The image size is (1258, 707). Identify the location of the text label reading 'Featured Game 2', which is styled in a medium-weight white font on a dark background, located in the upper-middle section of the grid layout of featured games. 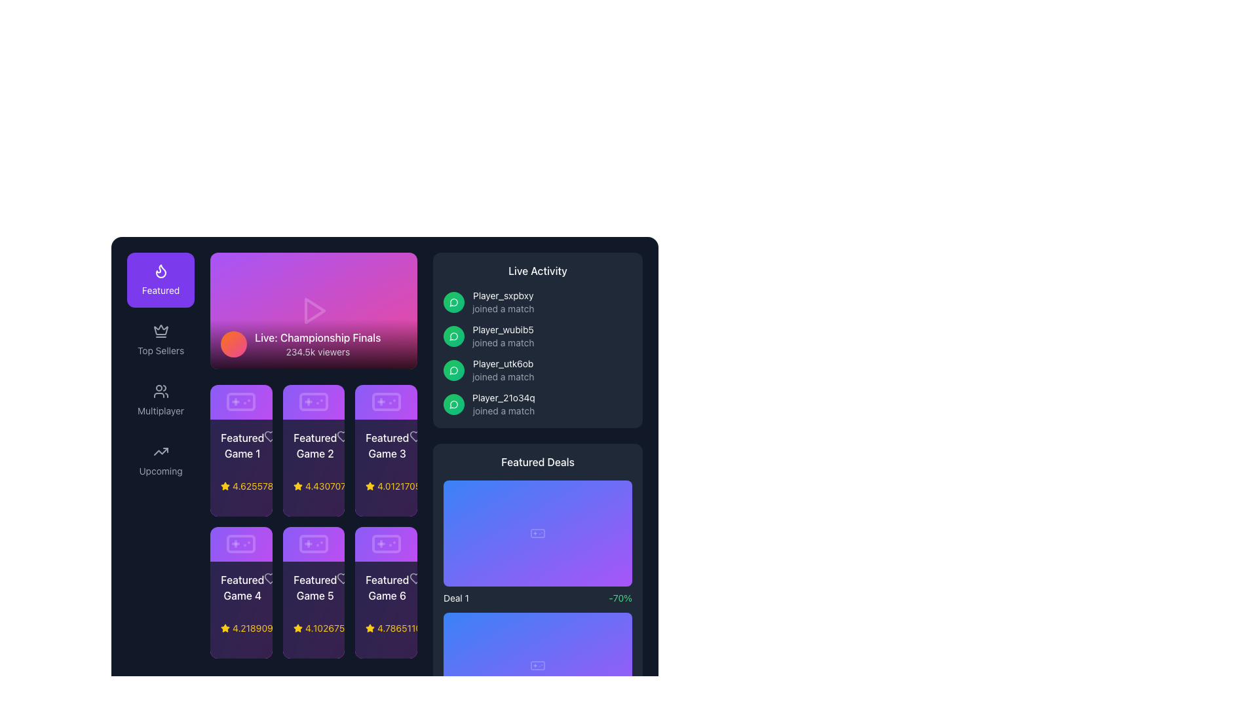
(313, 444).